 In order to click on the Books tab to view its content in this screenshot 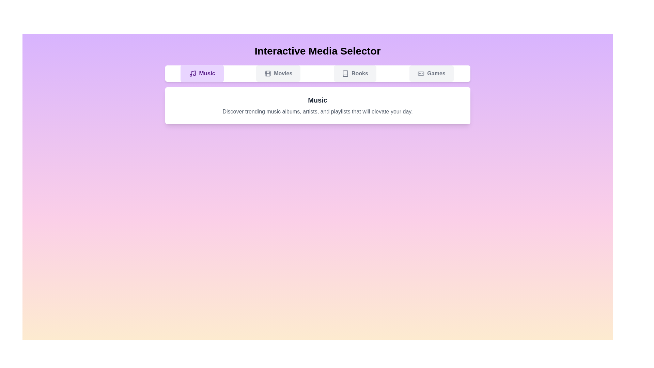, I will do `click(355, 74)`.